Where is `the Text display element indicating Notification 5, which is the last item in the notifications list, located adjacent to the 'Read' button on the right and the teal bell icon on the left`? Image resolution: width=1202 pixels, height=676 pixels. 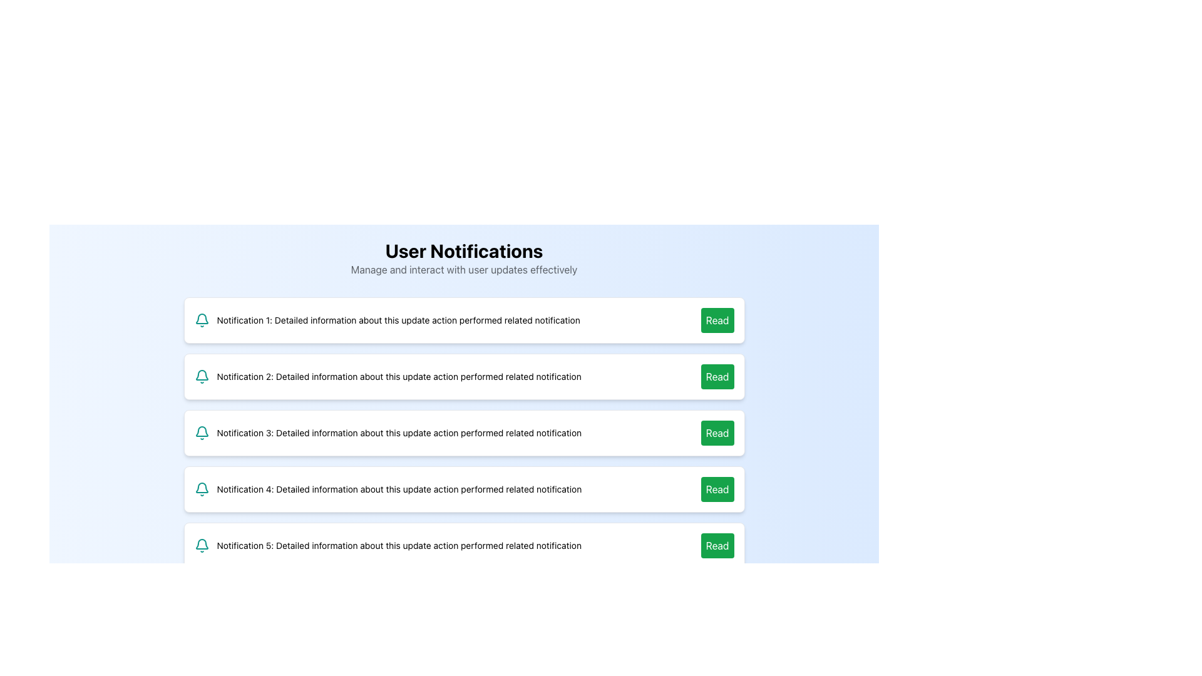
the Text display element indicating Notification 5, which is the last item in the notifications list, located adjacent to the 'Read' button on the right and the teal bell icon on the left is located at coordinates (387, 545).